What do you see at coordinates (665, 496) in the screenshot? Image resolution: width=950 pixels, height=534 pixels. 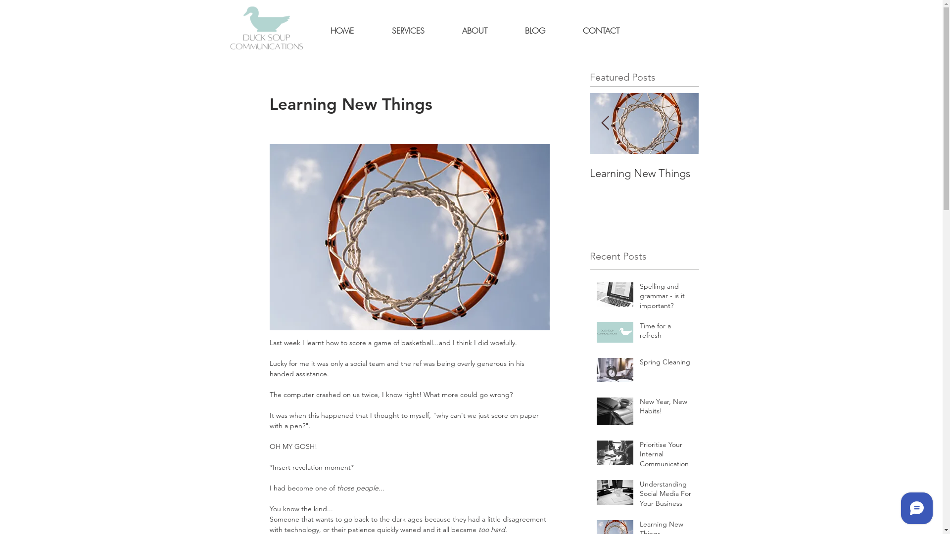 I see `'Understanding Social Media For Your Business'` at bounding box center [665, 496].